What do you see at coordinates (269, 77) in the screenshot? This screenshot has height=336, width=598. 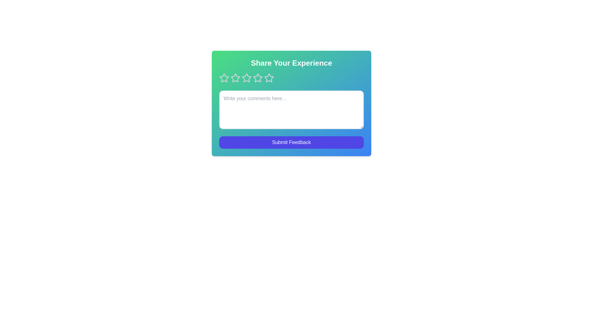 I see `the rating to 5 stars by clicking on the corresponding star` at bounding box center [269, 77].